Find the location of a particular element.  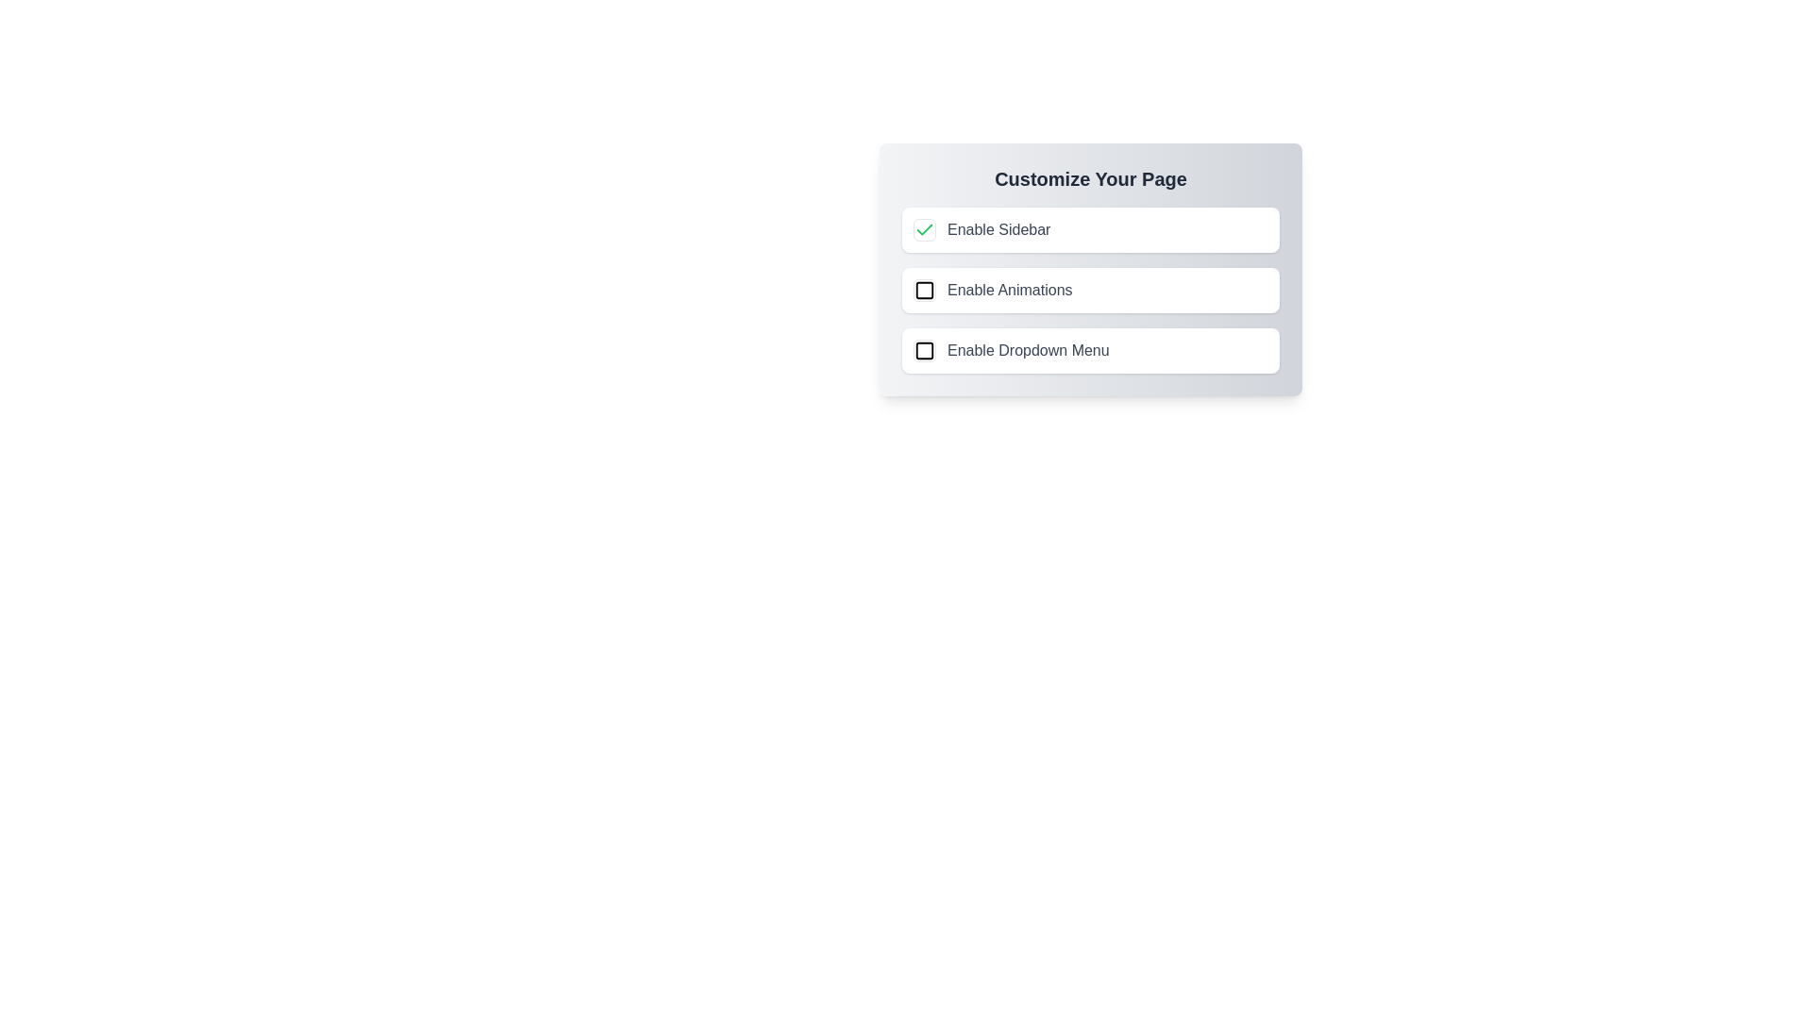

the descriptive text label for the toggleable feature in the settings menu, located beneath 'Enable Sidebar' and above 'Enable Dropdown Menu' is located at coordinates (1009, 291).